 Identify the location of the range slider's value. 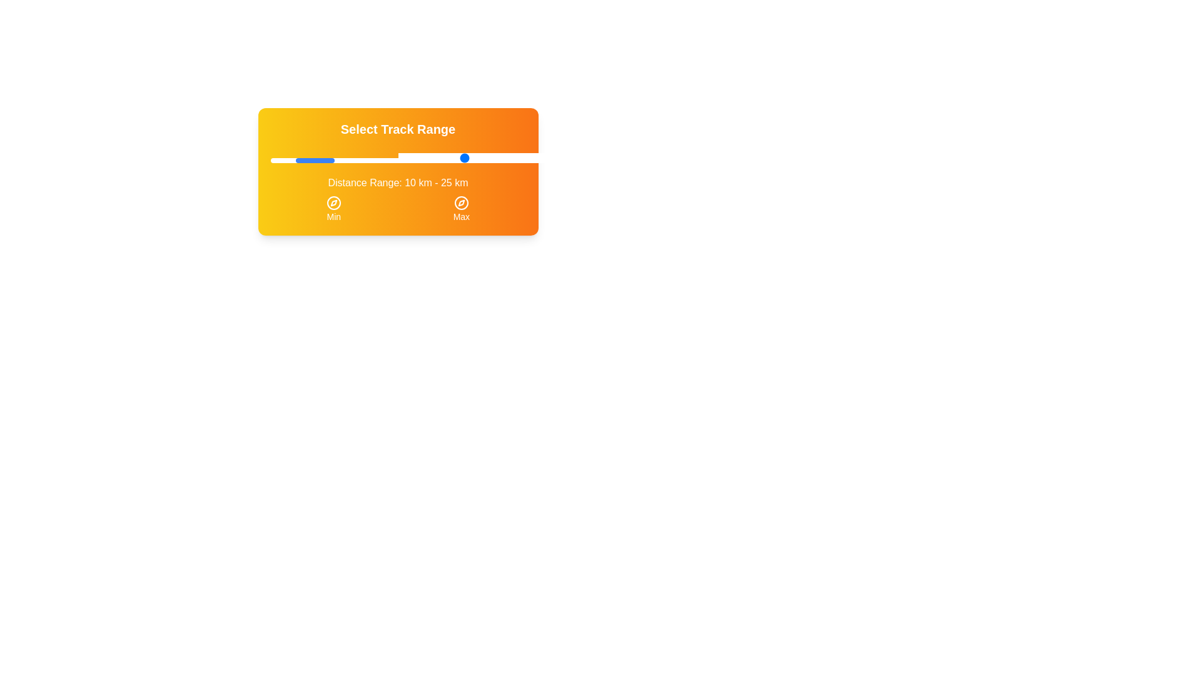
(349, 160).